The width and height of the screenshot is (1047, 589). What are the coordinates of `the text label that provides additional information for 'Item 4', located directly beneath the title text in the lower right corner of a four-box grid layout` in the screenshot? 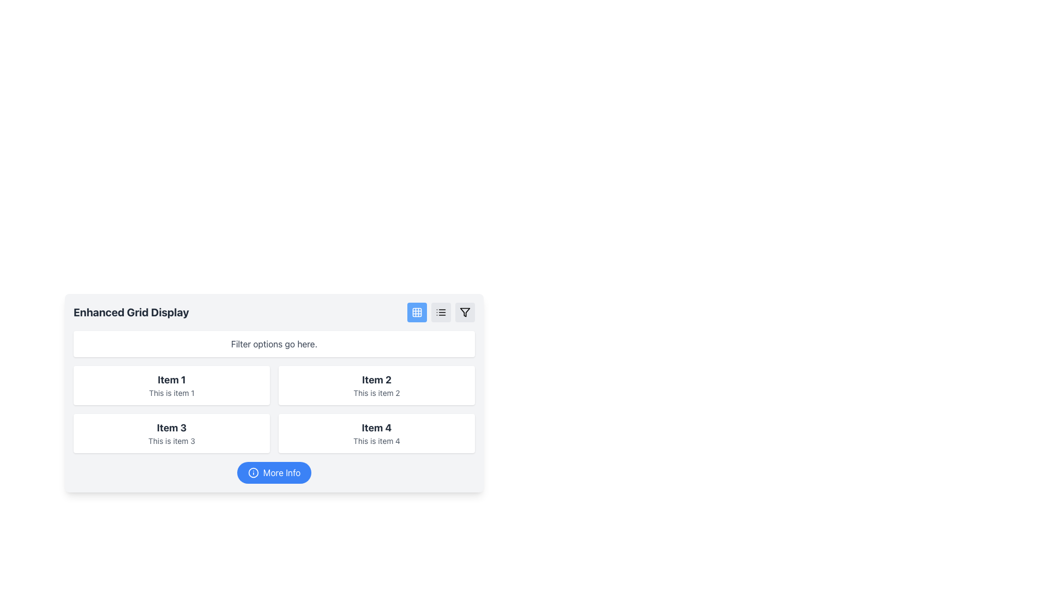 It's located at (377, 441).